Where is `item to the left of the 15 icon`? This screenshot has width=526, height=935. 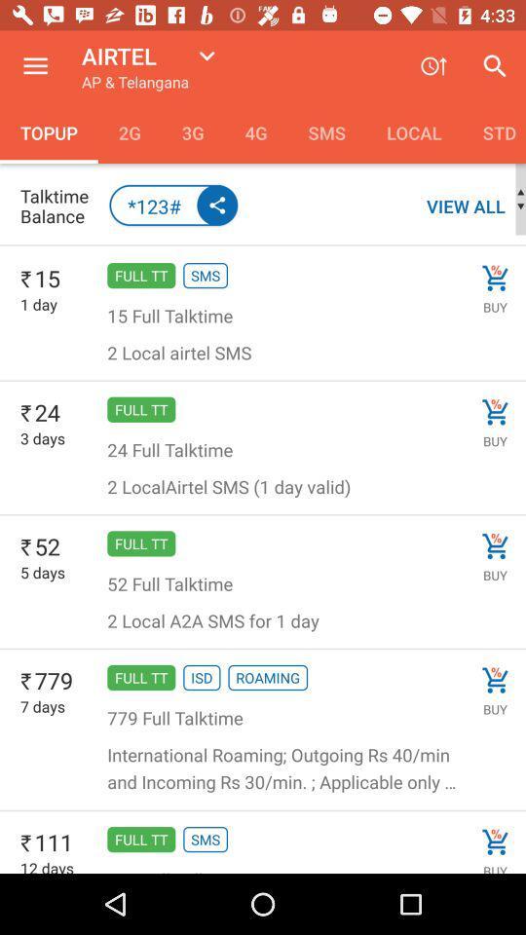
item to the left of the 15 icon is located at coordinates (25, 279).